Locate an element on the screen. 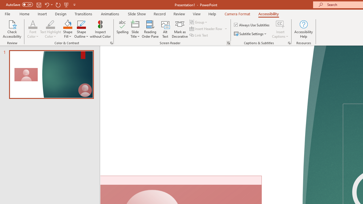 The width and height of the screenshot is (363, 204). 'Accessibility Help' is located at coordinates (303, 29).